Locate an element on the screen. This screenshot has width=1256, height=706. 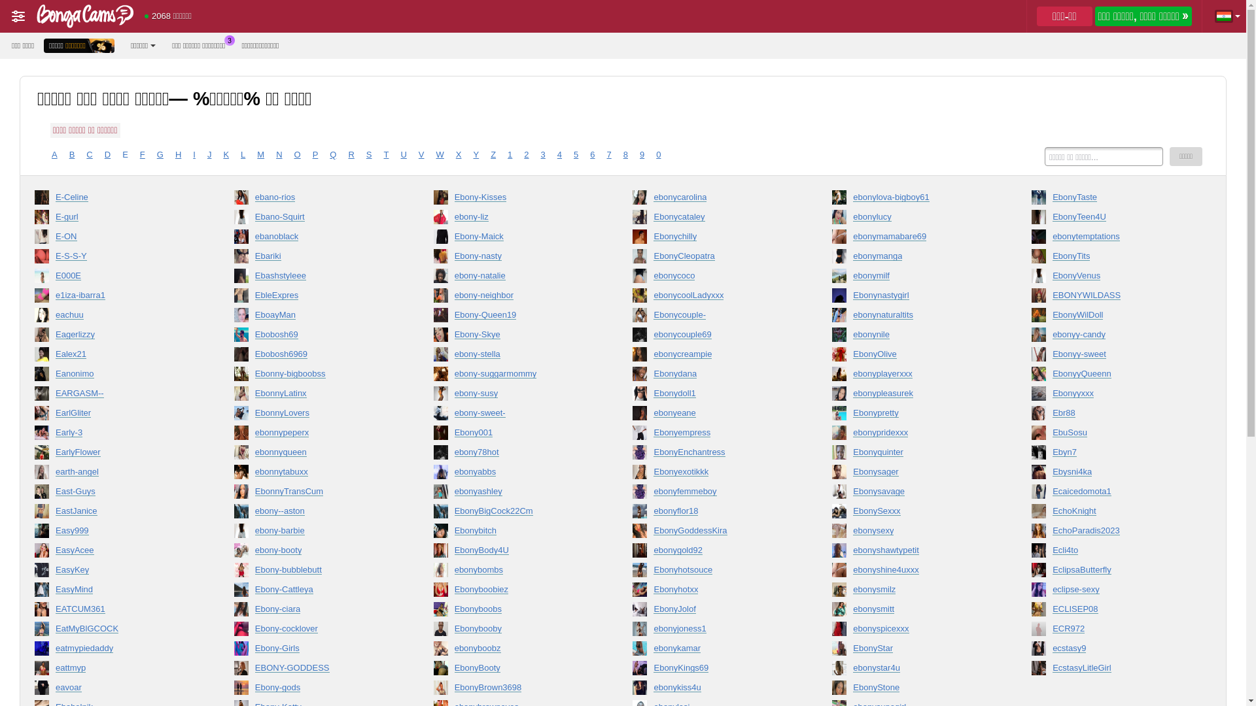
'B' is located at coordinates (68, 154).